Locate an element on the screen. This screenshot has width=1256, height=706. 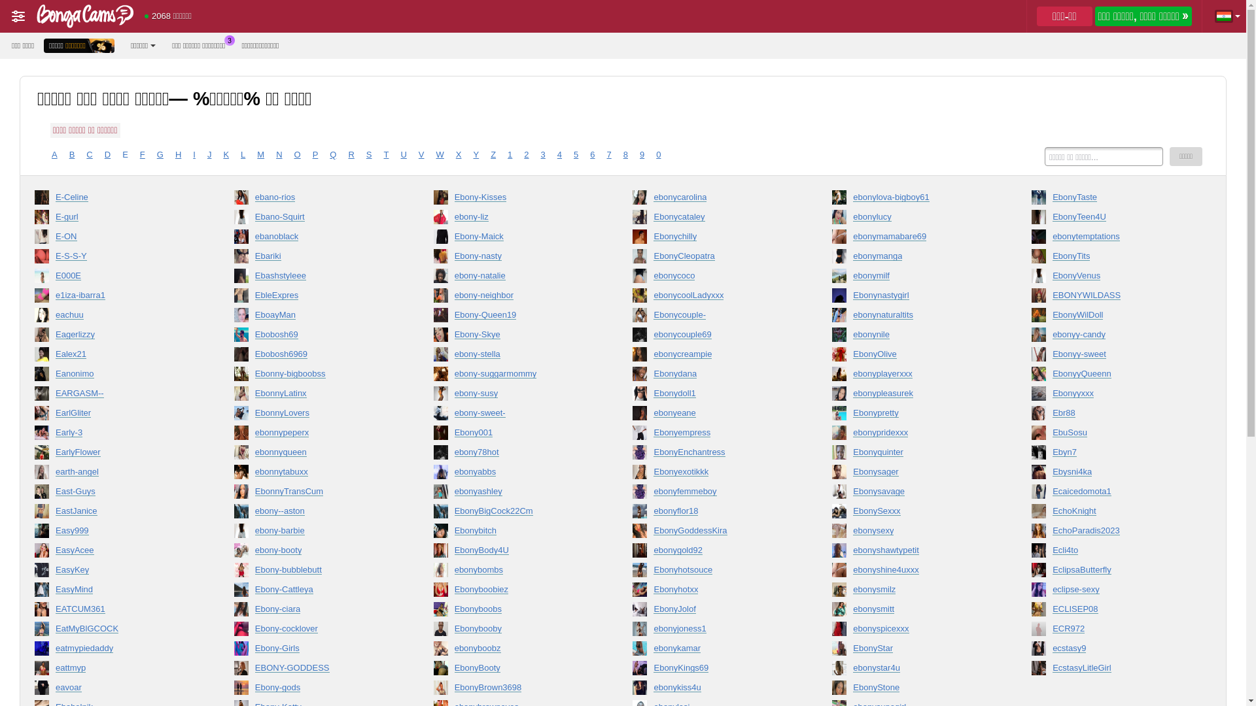
'B' is located at coordinates (68, 154).